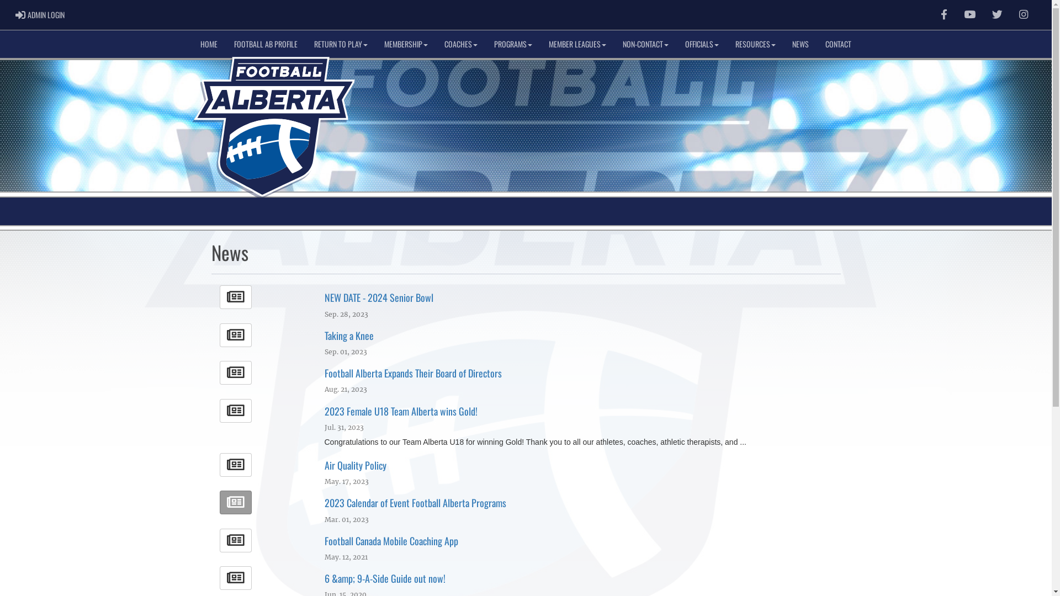 The image size is (1060, 596). Describe the element at coordinates (943, 15) in the screenshot. I see `'Facebook'` at that location.